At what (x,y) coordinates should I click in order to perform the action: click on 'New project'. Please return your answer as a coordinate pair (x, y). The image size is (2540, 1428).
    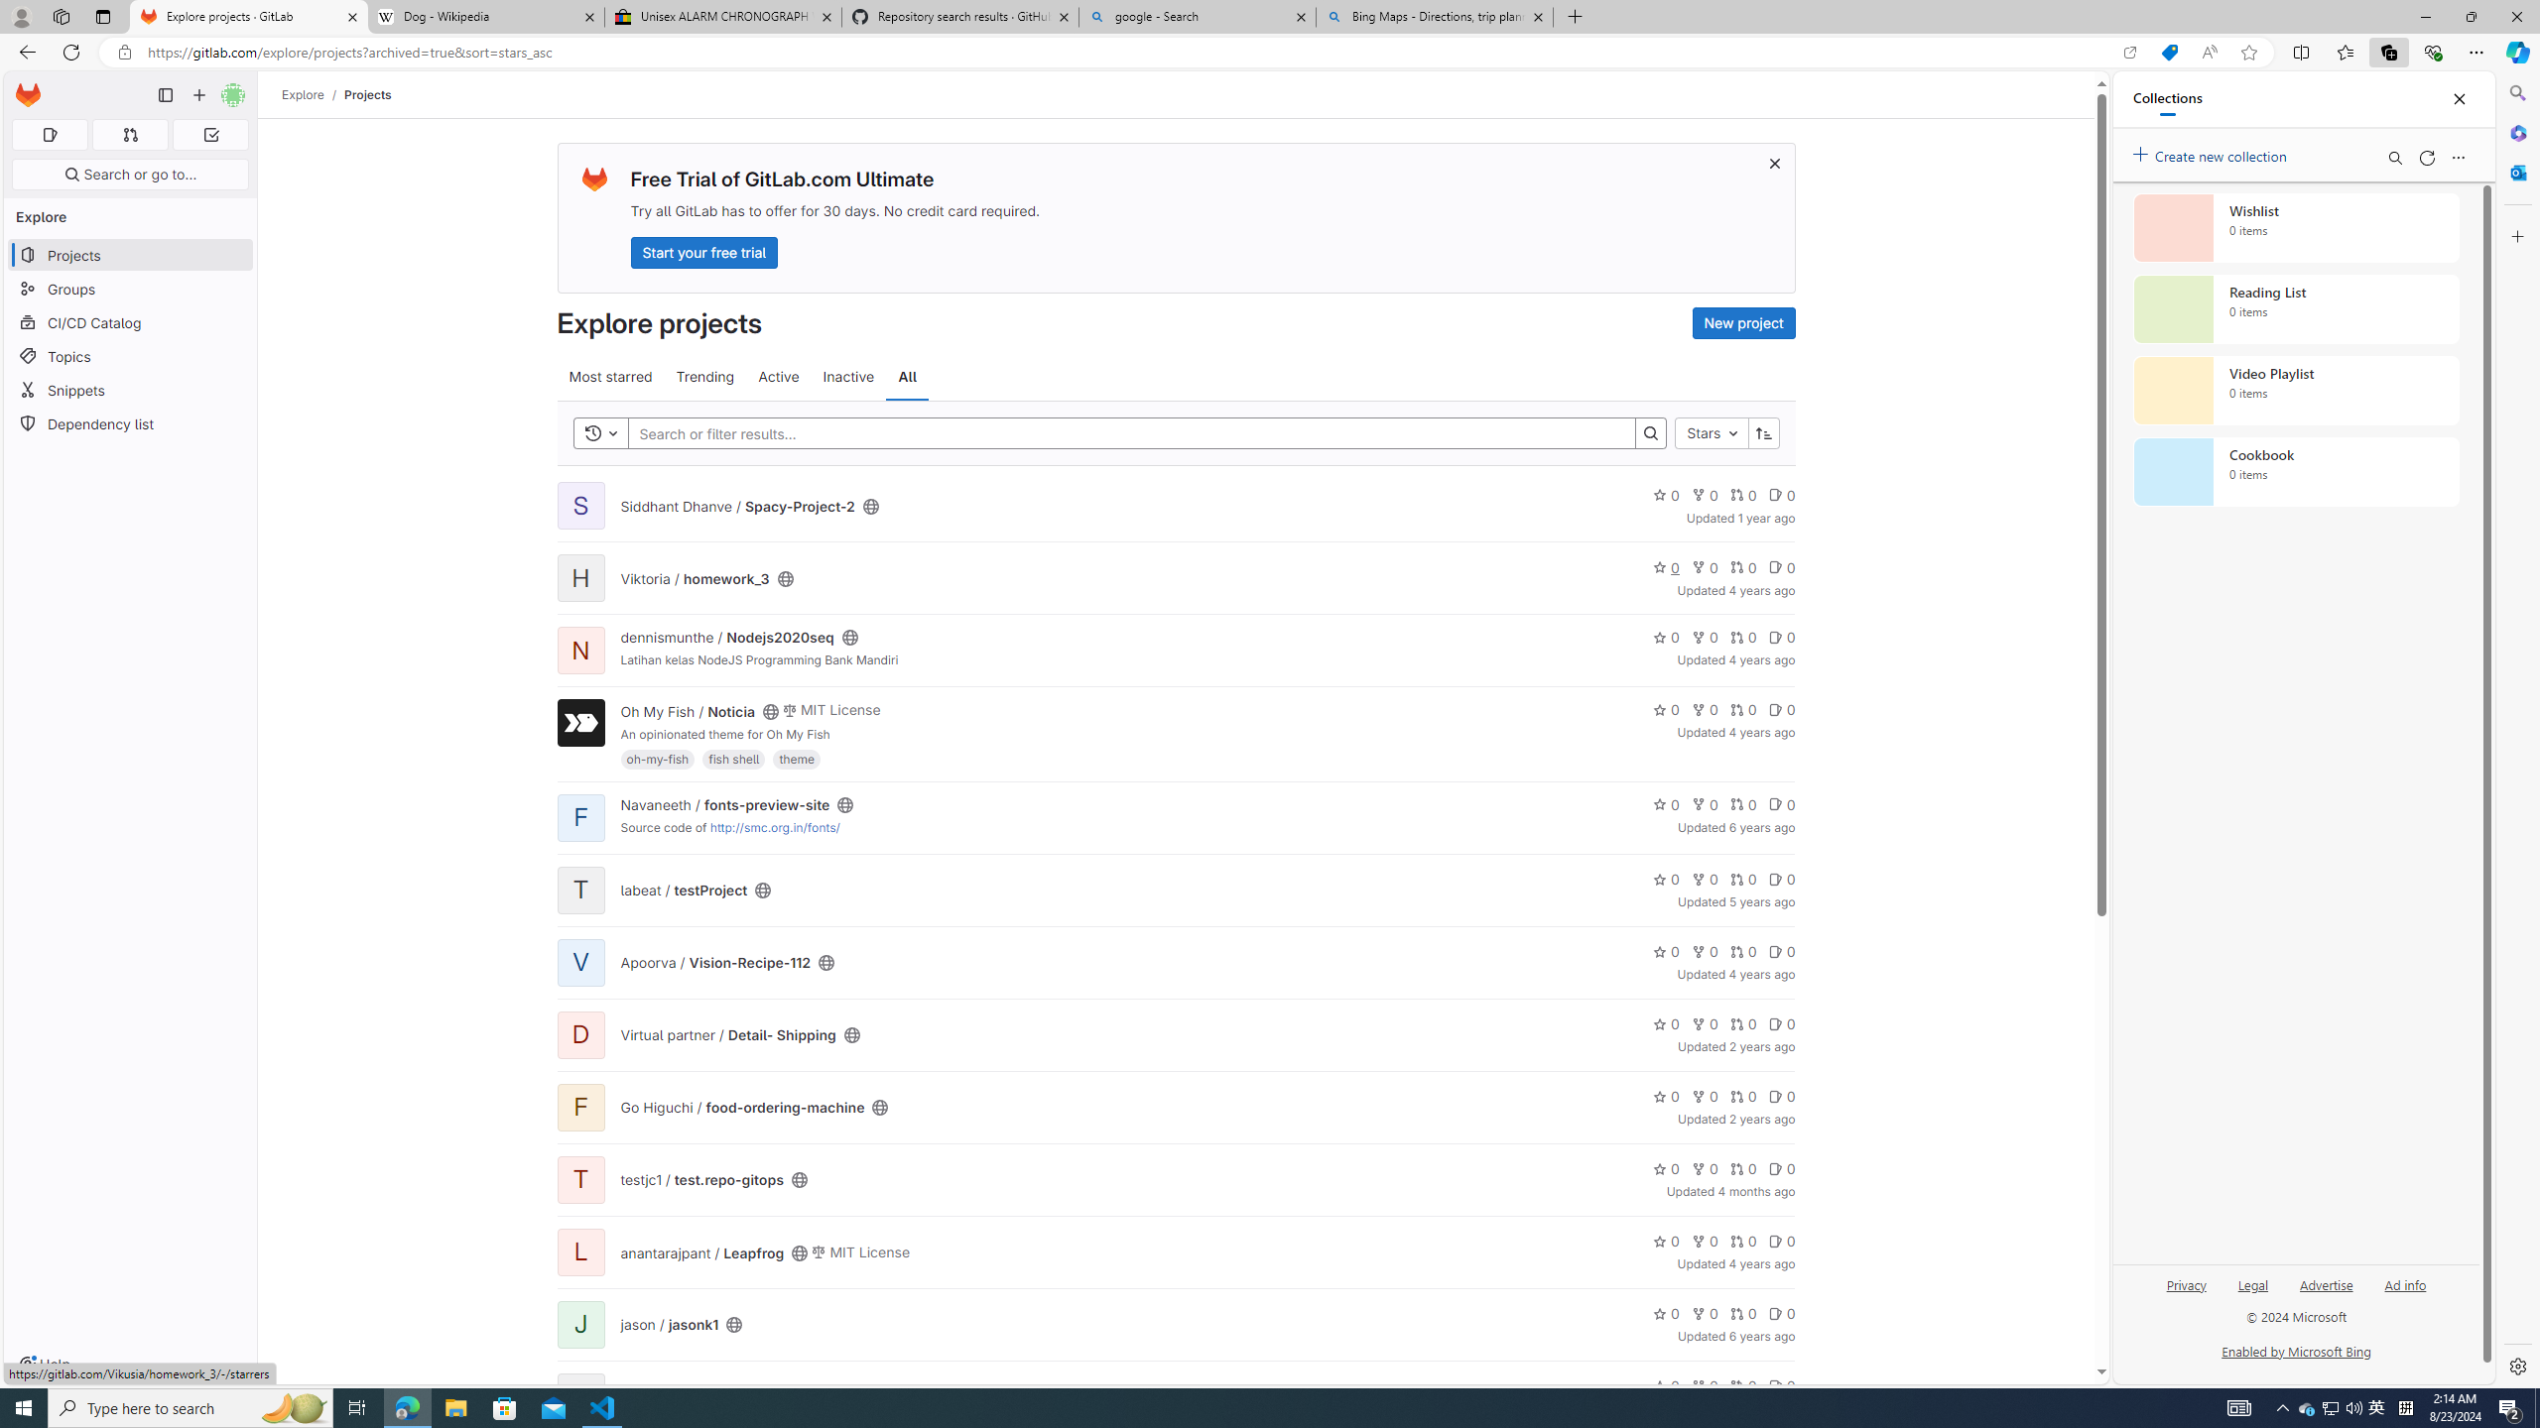
    Looking at the image, I should click on (1742, 322).